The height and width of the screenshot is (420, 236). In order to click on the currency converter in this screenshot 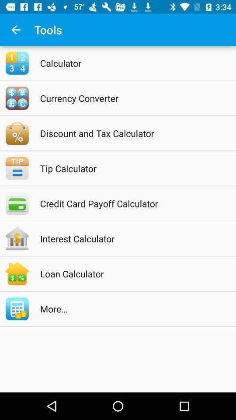, I will do `click(129, 98)`.